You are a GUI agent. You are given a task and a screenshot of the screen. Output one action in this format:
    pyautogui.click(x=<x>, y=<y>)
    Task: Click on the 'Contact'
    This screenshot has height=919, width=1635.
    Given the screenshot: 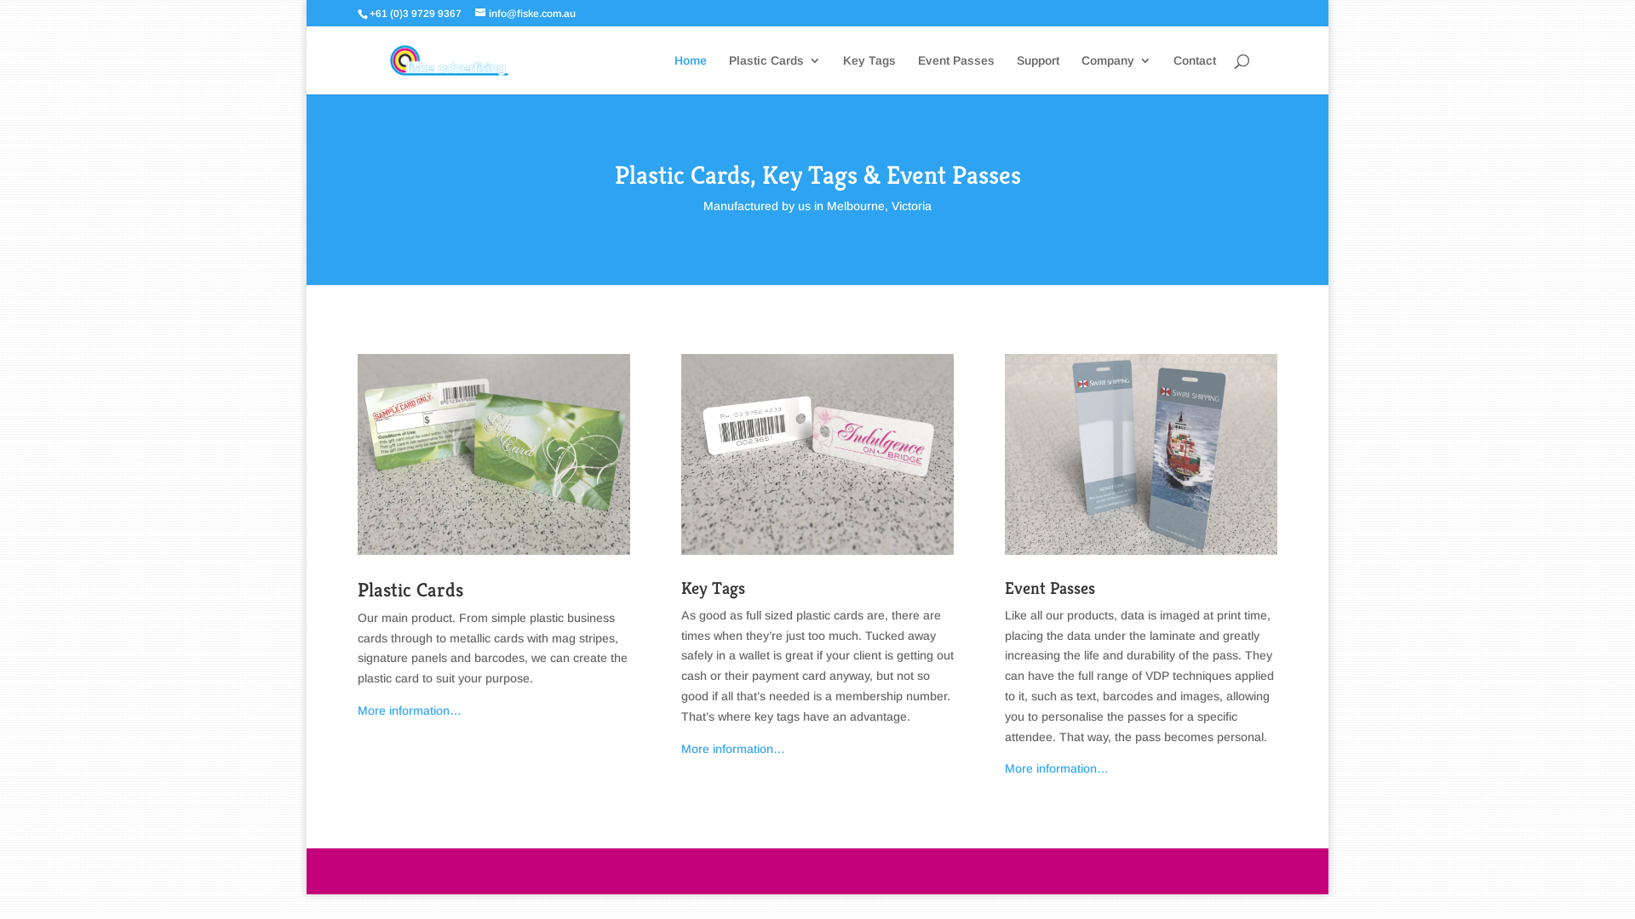 What is the action you would take?
    pyautogui.click(x=1172, y=73)
    